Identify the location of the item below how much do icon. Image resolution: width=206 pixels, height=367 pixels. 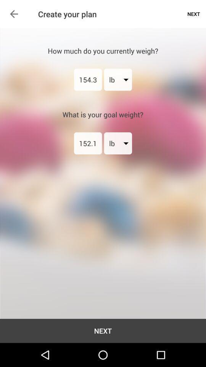
(87, 80).